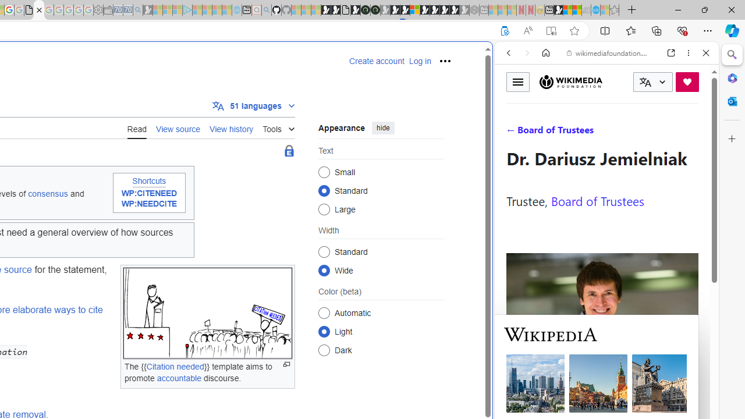 The width and height of the screenshot is (745, 419). What do you see at coordinates (444, 61) in the screenshot?
I see `'Personal tools'` at bounding box center [444, 61].